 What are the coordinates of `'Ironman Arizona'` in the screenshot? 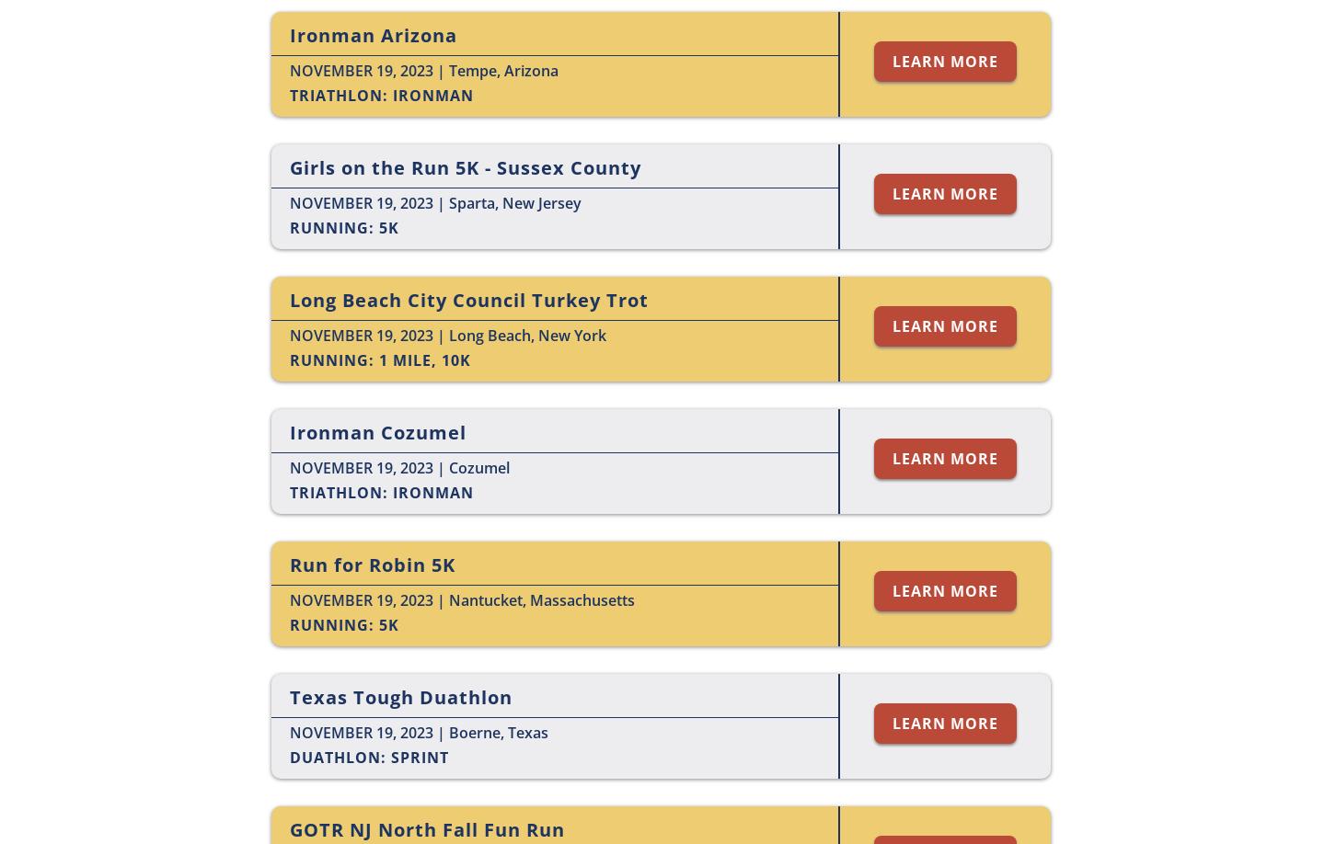 It's located at (372, 35).